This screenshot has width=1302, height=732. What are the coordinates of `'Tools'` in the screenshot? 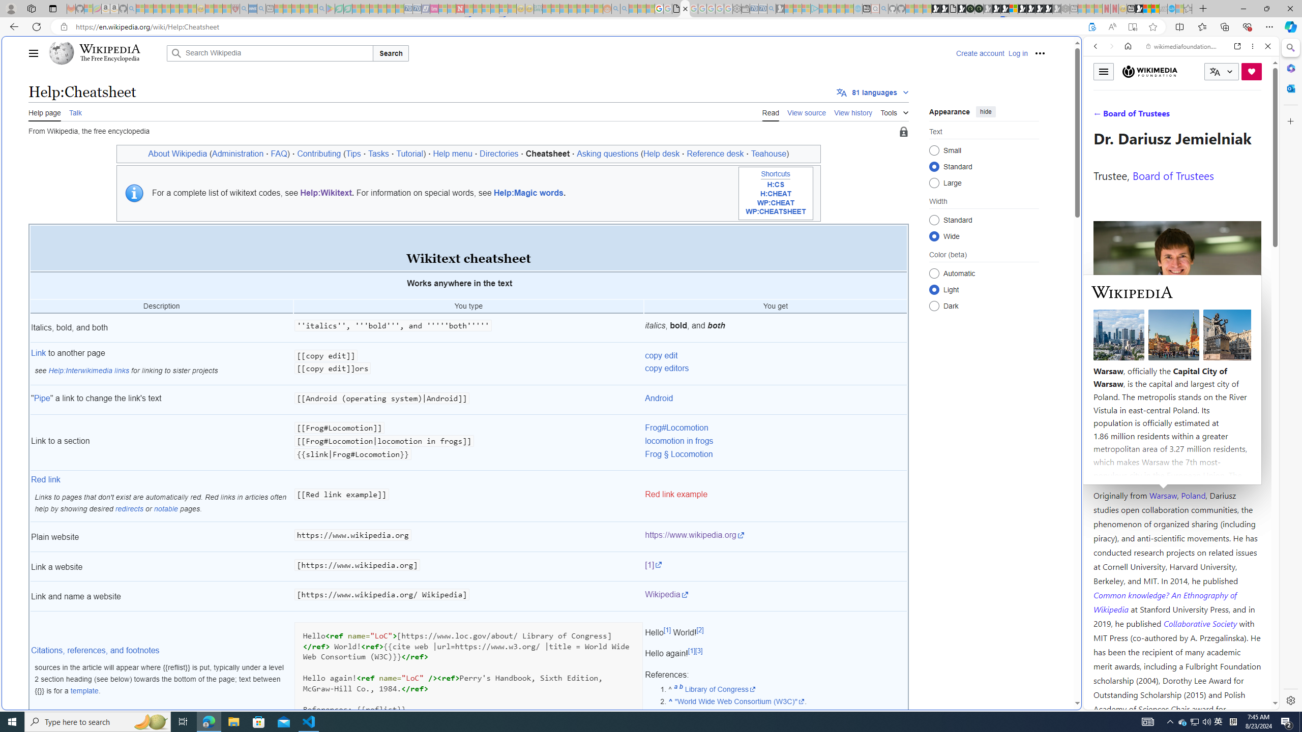 It's located at (894, 111).